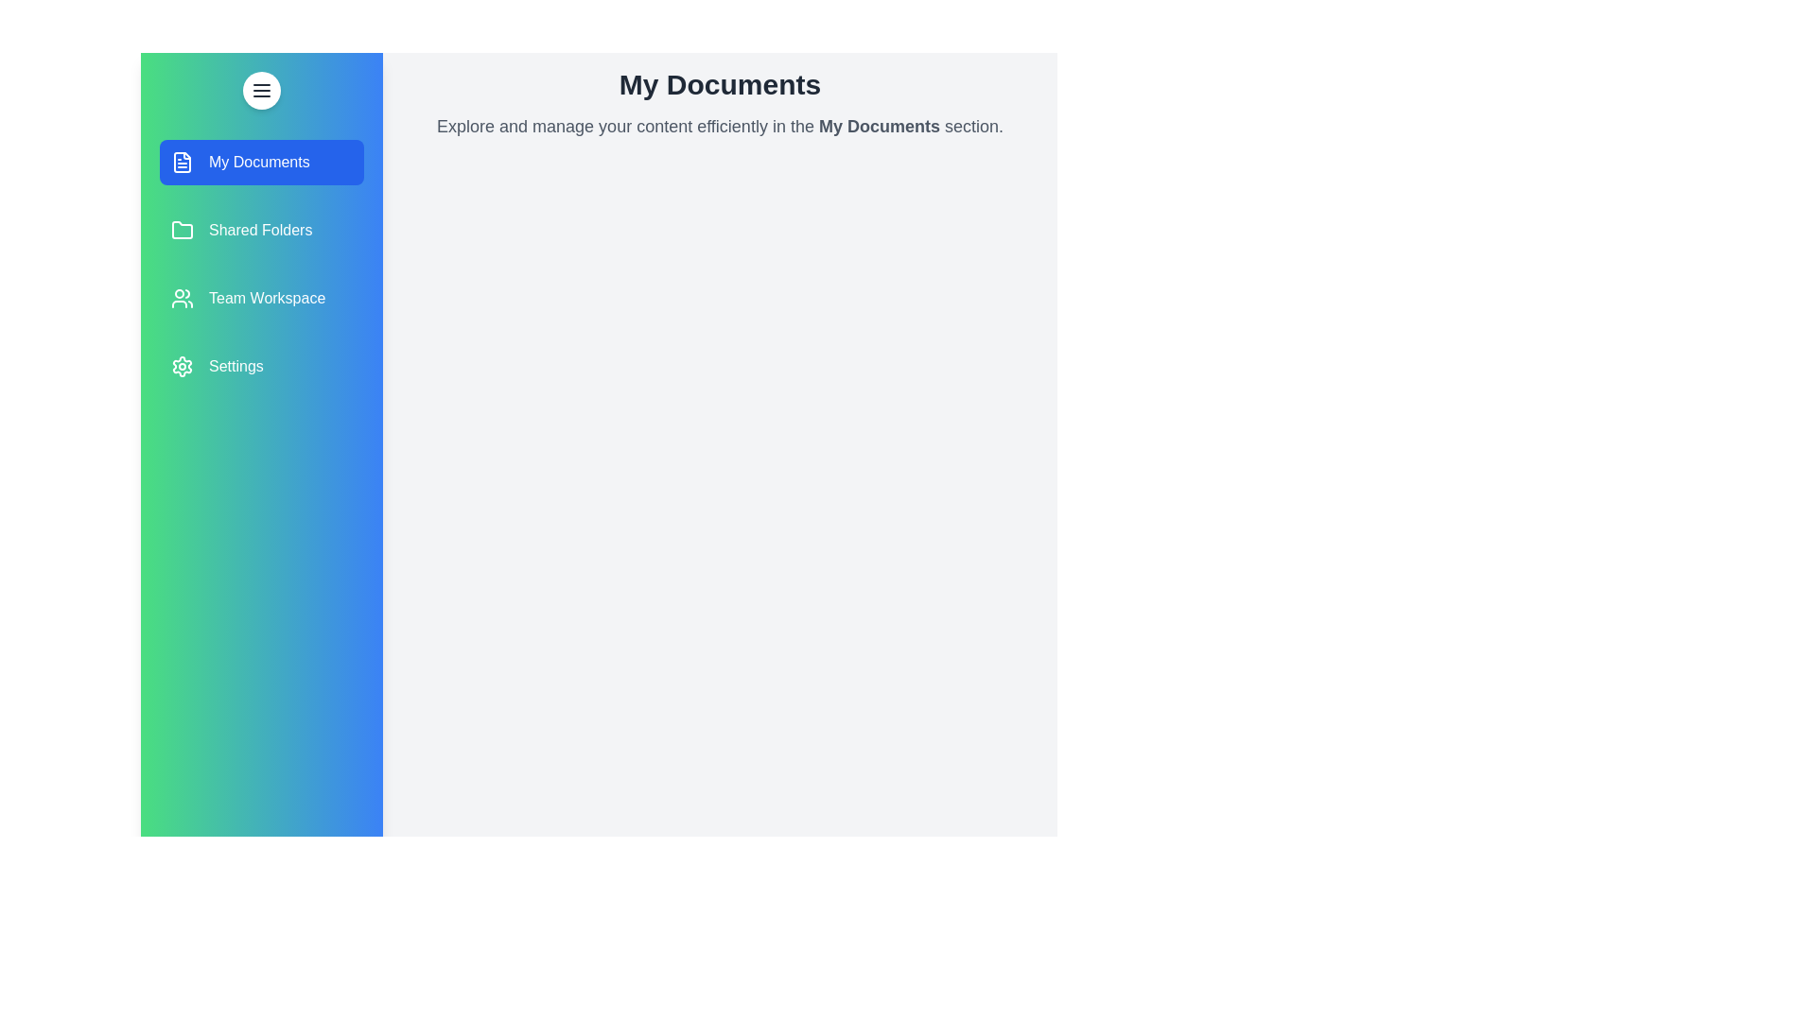 The width and height of the screenshot is (1816, 1021). Describe the element at coordinates (261, 91) in the screenshot. I see `the toggle button to expand or collapse the drawer` at that location.